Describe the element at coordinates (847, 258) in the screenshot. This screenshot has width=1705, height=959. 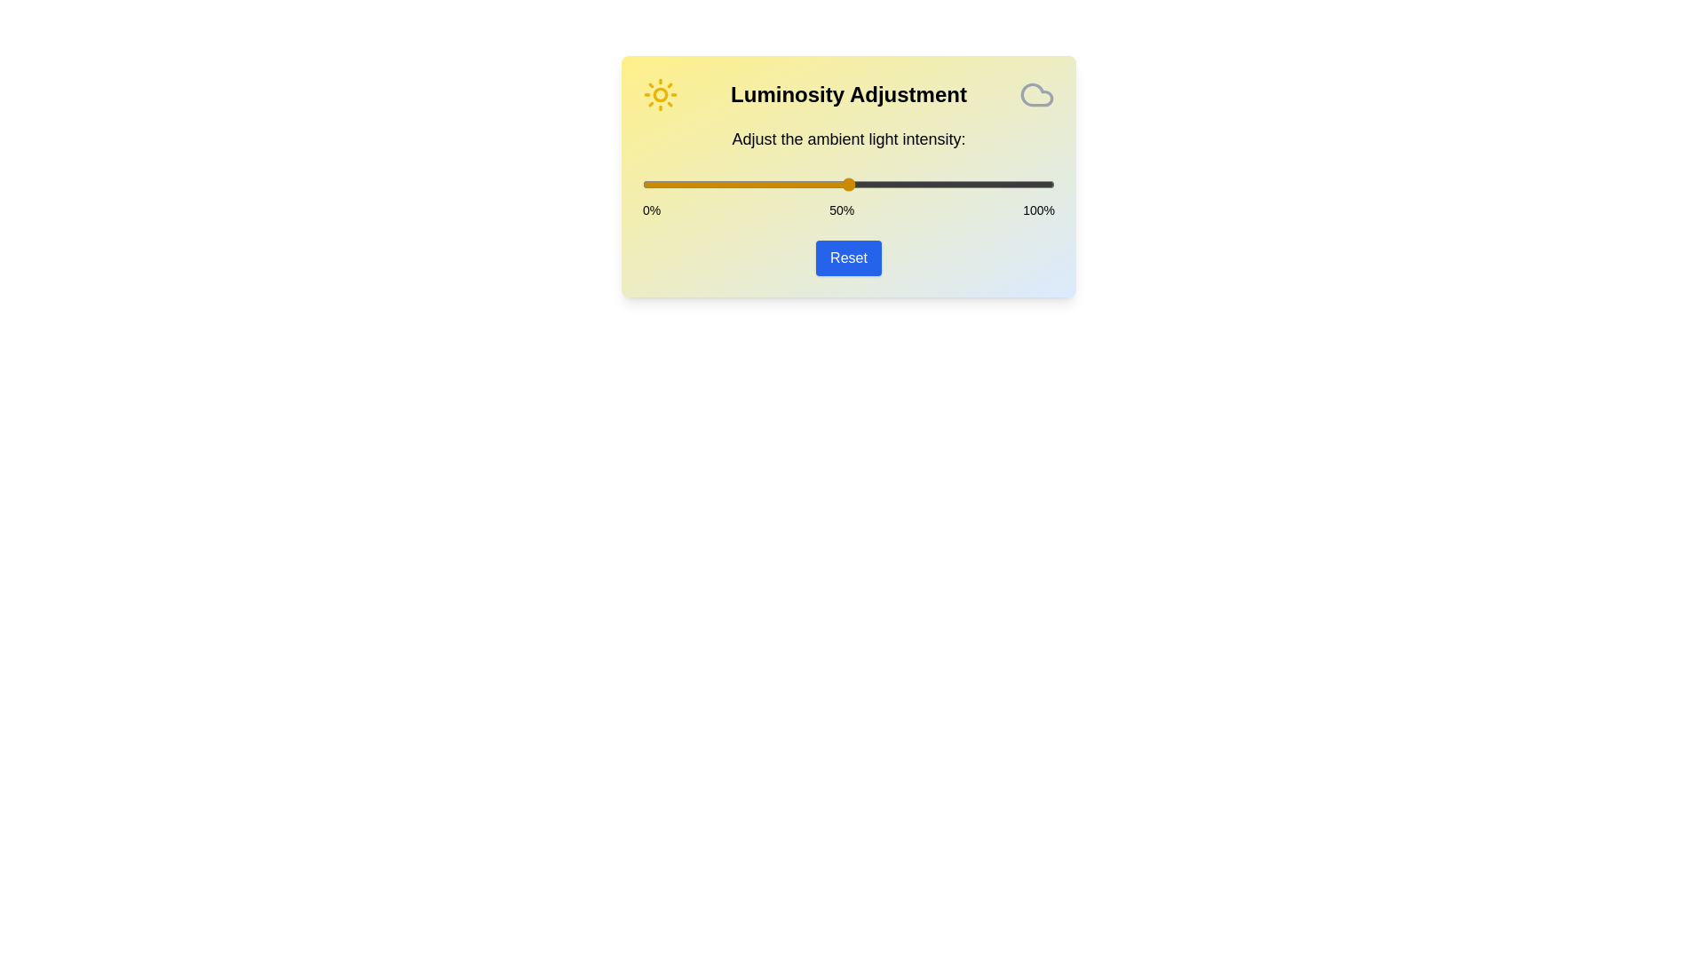
I see `the Reset button to reset the light intensity to the default value` at that location.